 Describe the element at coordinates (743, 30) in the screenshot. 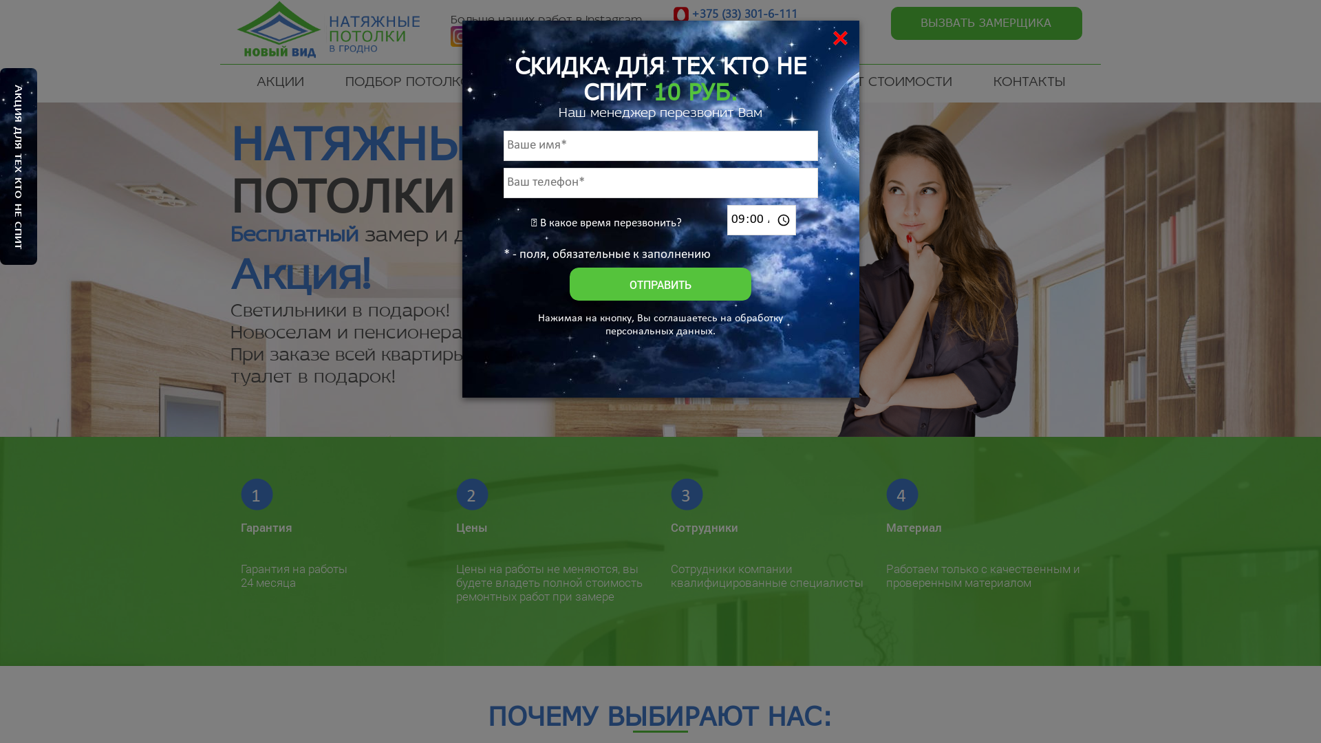

I see `'+375 (44) 7-907-111'` at that location.